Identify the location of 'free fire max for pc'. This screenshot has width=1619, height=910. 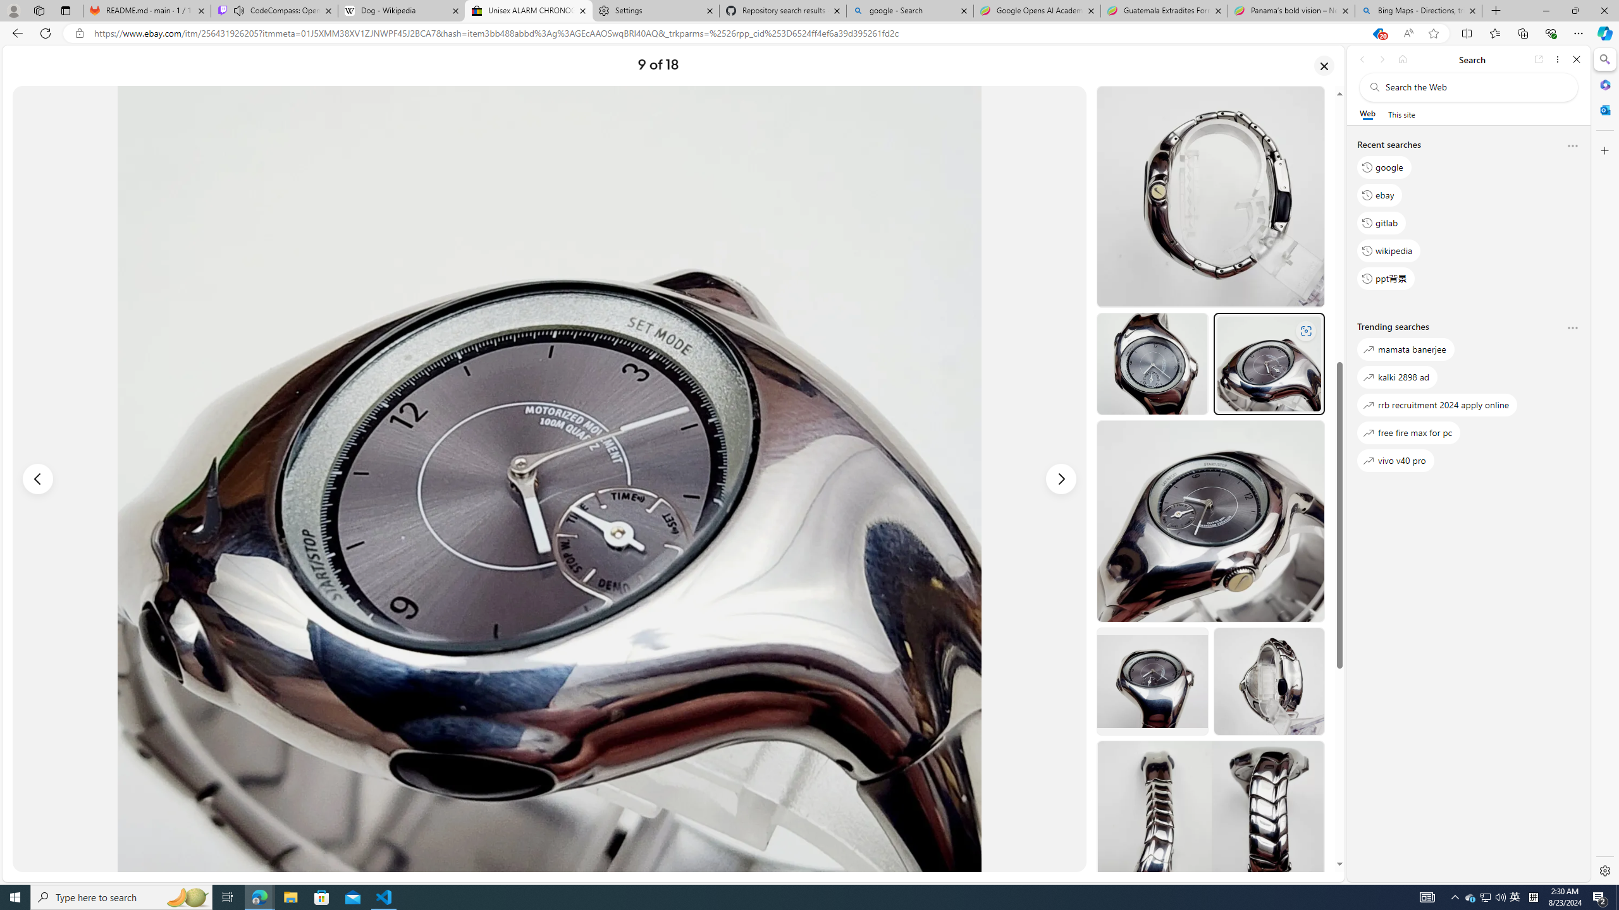
(1408, 432).